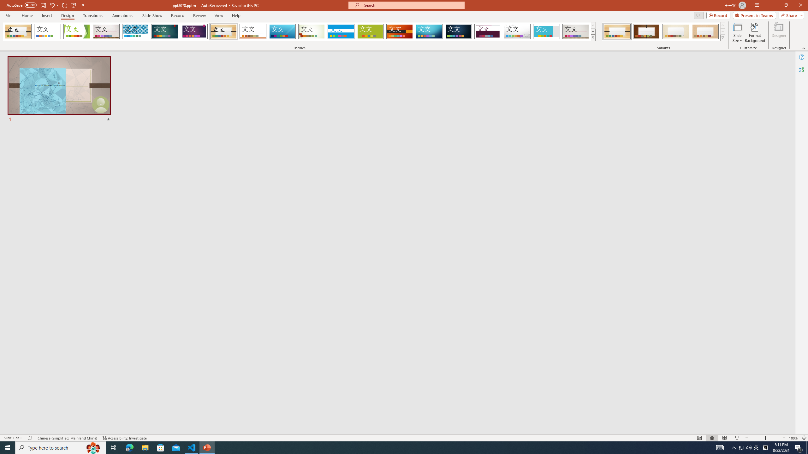 This screenshot has height=454, width=808. I want to click on 'Slice', so click(282, 31).